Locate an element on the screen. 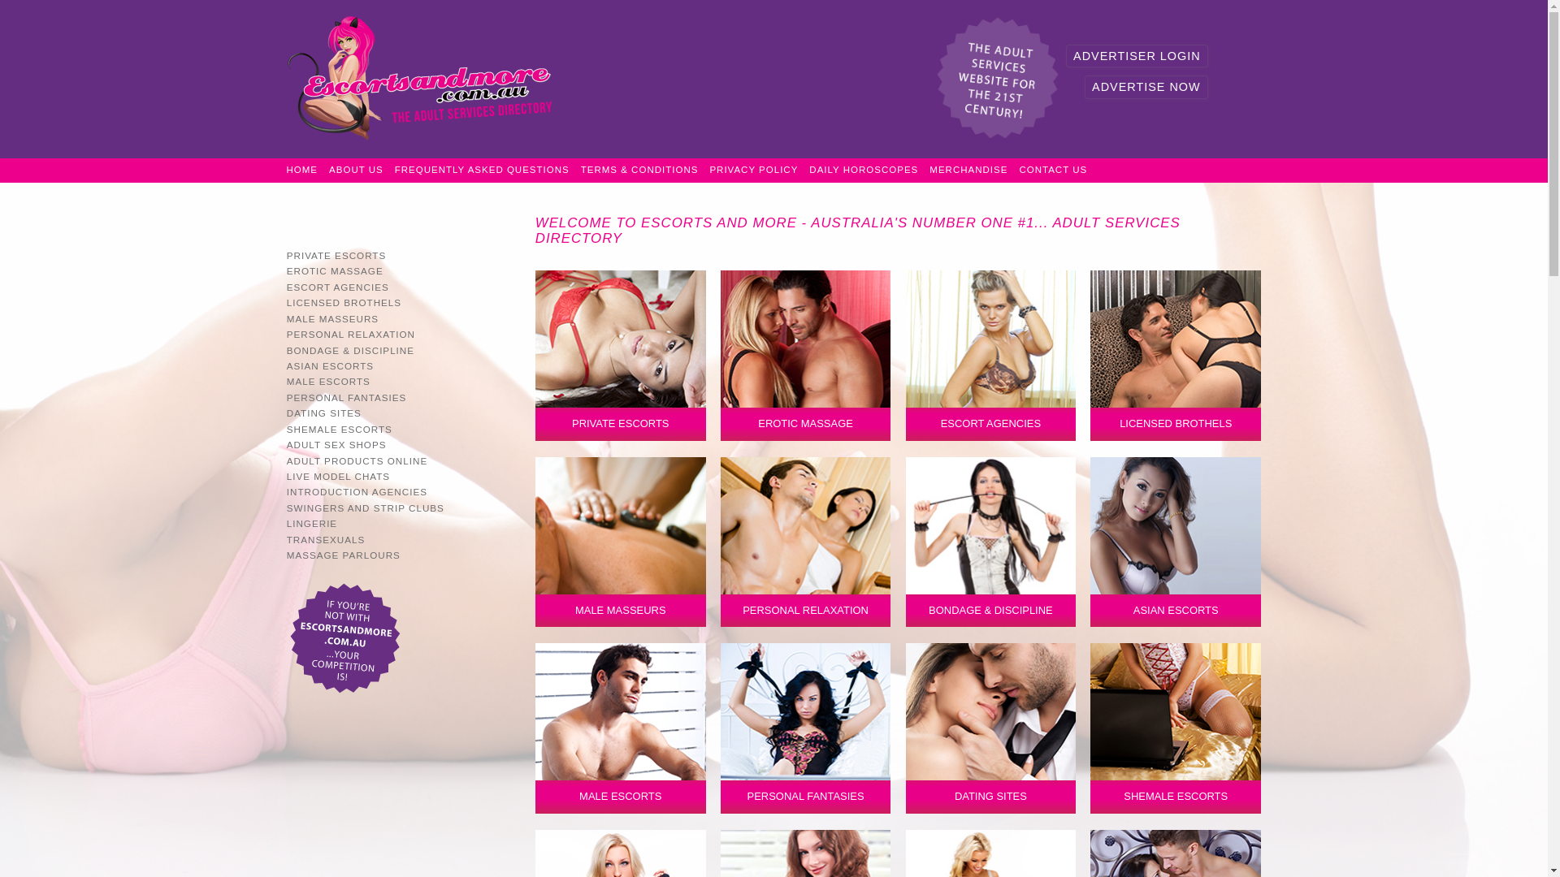 The image size is (1560, 877). 'Escort Agencies' is located at coordinates (904, 355).